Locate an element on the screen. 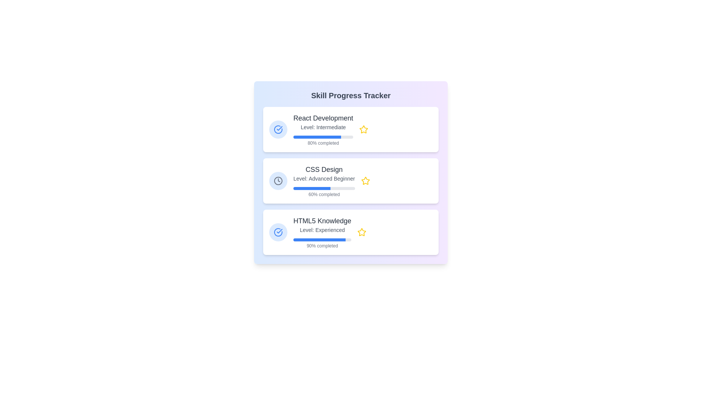  assistive technology is located at coordinates (323, 118).